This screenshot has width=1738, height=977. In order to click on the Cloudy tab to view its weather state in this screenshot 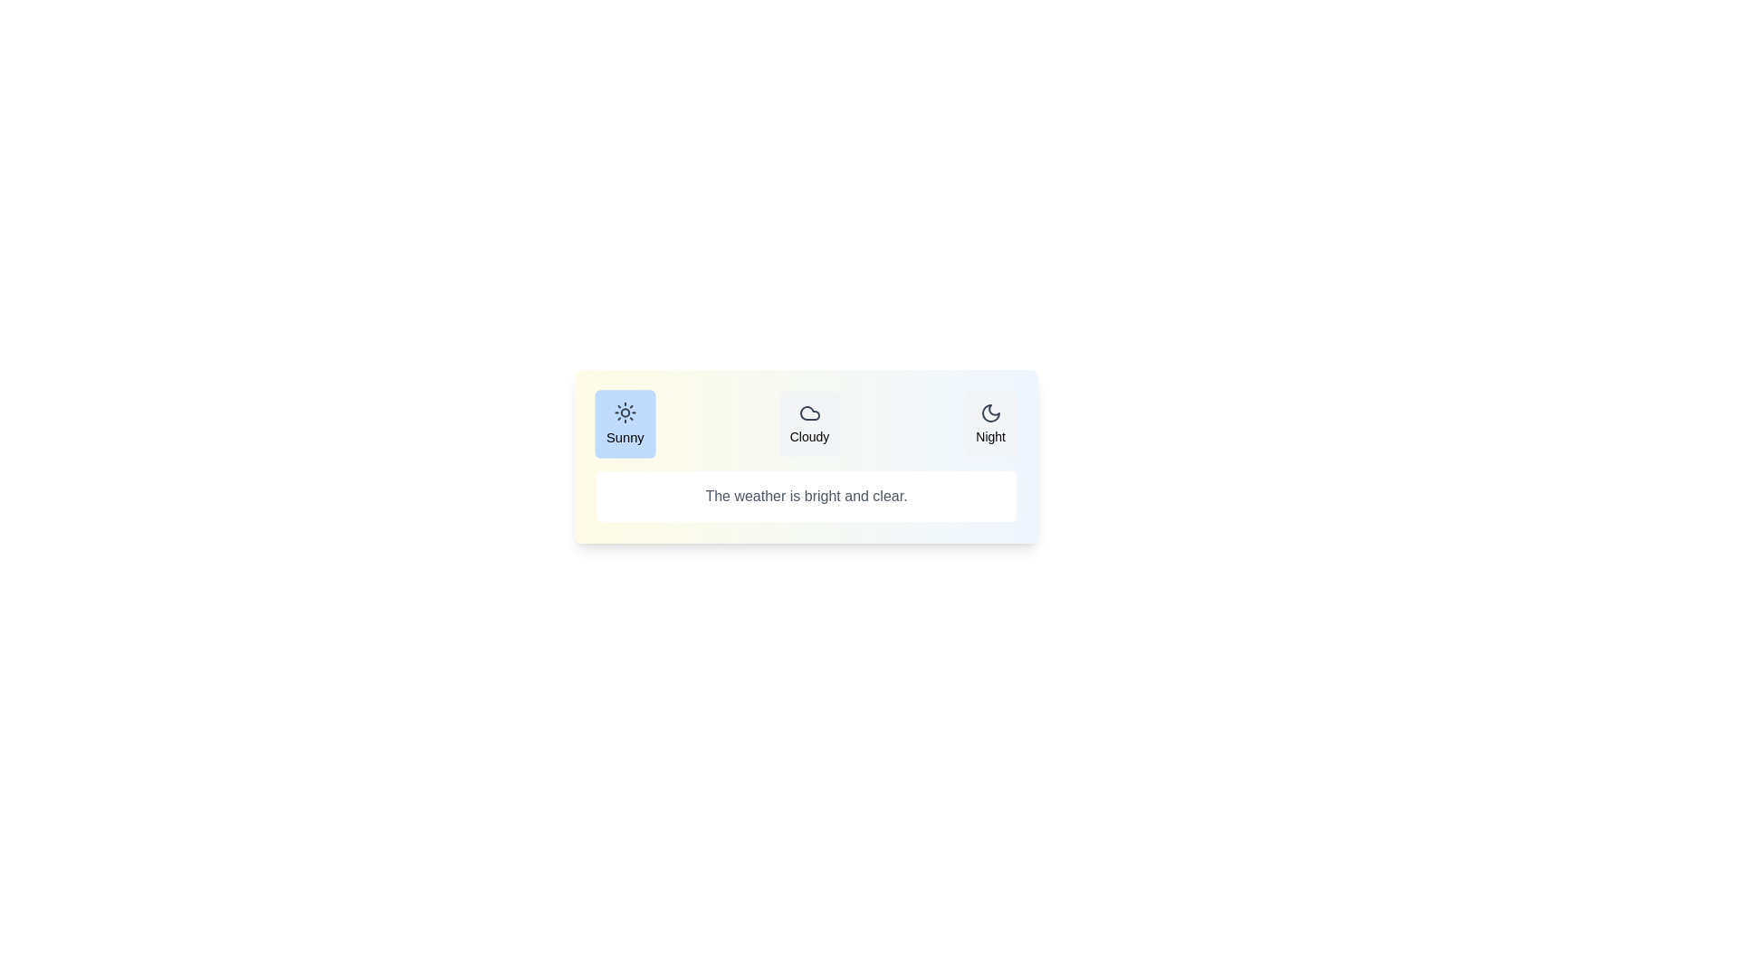, I will do `click(808, 424)`.